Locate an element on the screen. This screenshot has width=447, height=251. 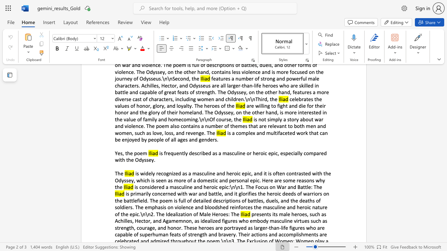
the subset text "heroic epic, and it is often contrasted with the Odyssey, which is seen as more" within the text "is widely recognized as a masculine and heroic epic, and it is often contrasted with the Odyssey, which is seen as more of a domestic and personal epic. Here are some reasons why the" is located at coordinates (226, 173).